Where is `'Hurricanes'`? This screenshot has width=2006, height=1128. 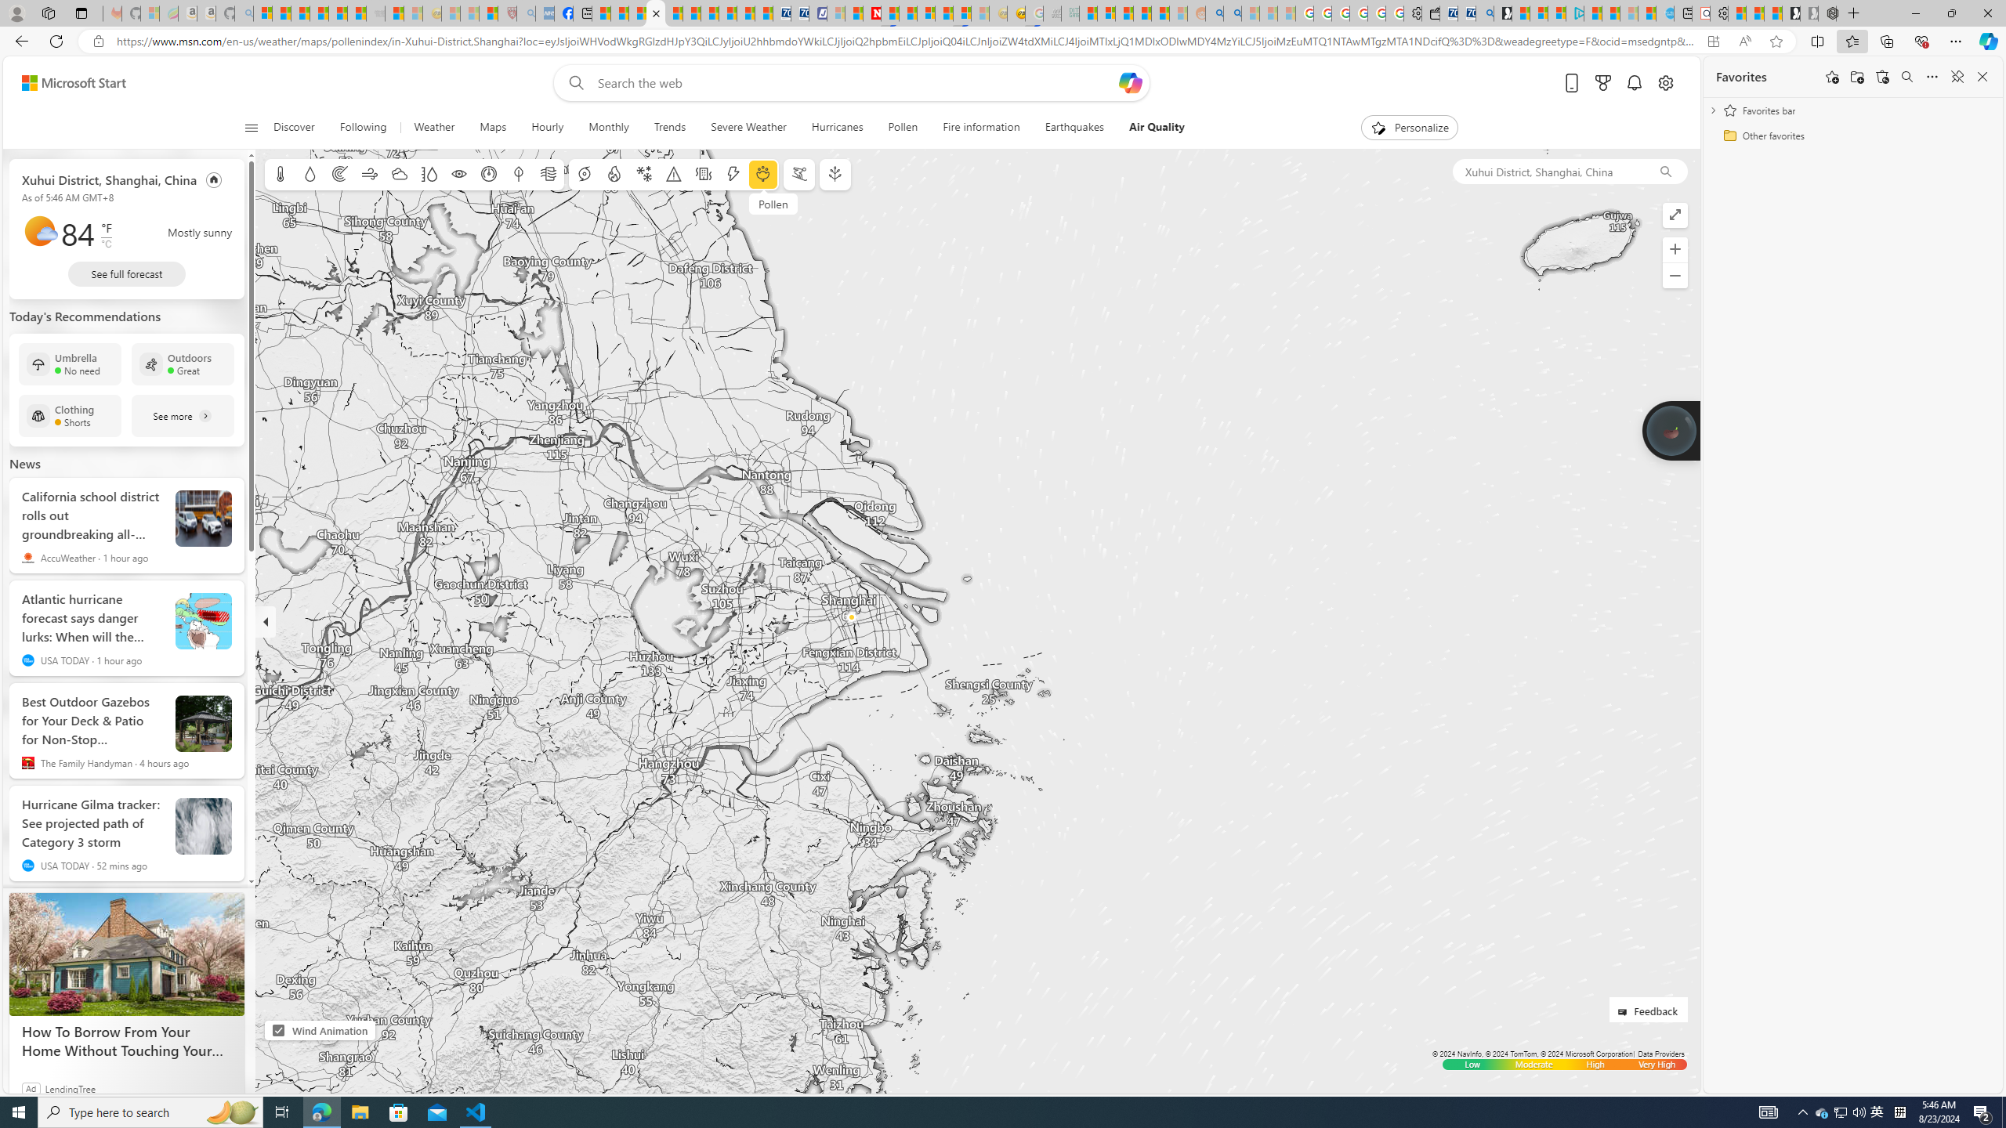 'Hurricanes' is located at coordinates (836, 127).